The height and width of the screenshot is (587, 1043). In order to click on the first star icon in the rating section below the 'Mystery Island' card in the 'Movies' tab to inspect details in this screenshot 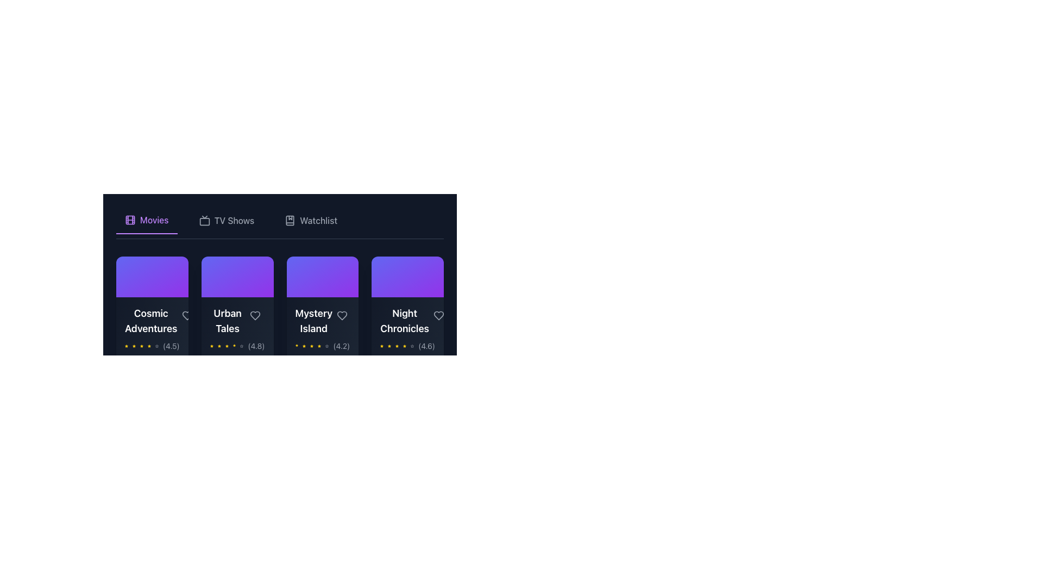, I will do `click(297, 346)`.